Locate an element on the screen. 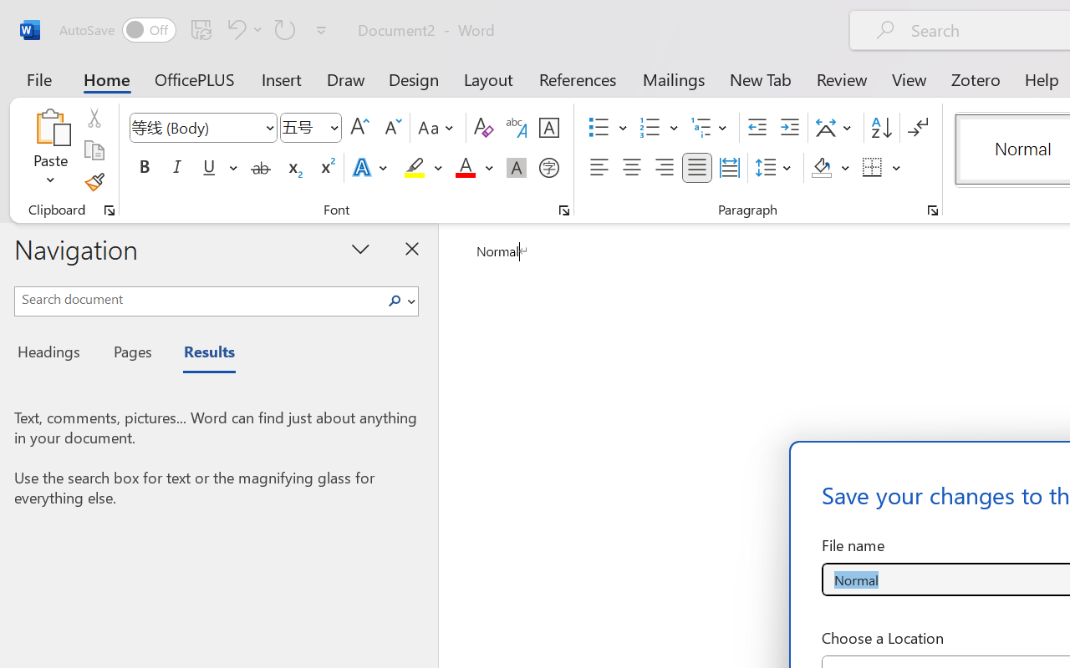  'Search' is located at coordinates (394, 301).